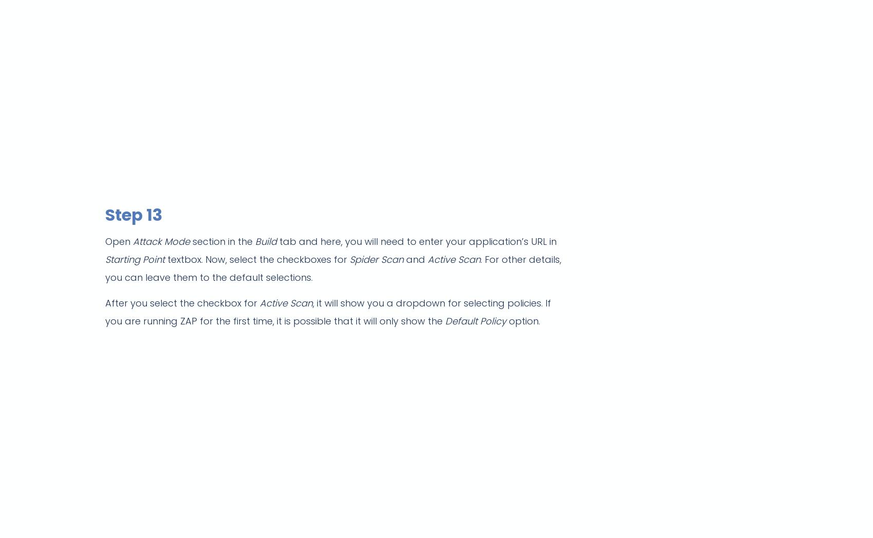 The height and width of the screenshot is (538, 873). I want to click on 'Attack Mode', so click(161, 241).